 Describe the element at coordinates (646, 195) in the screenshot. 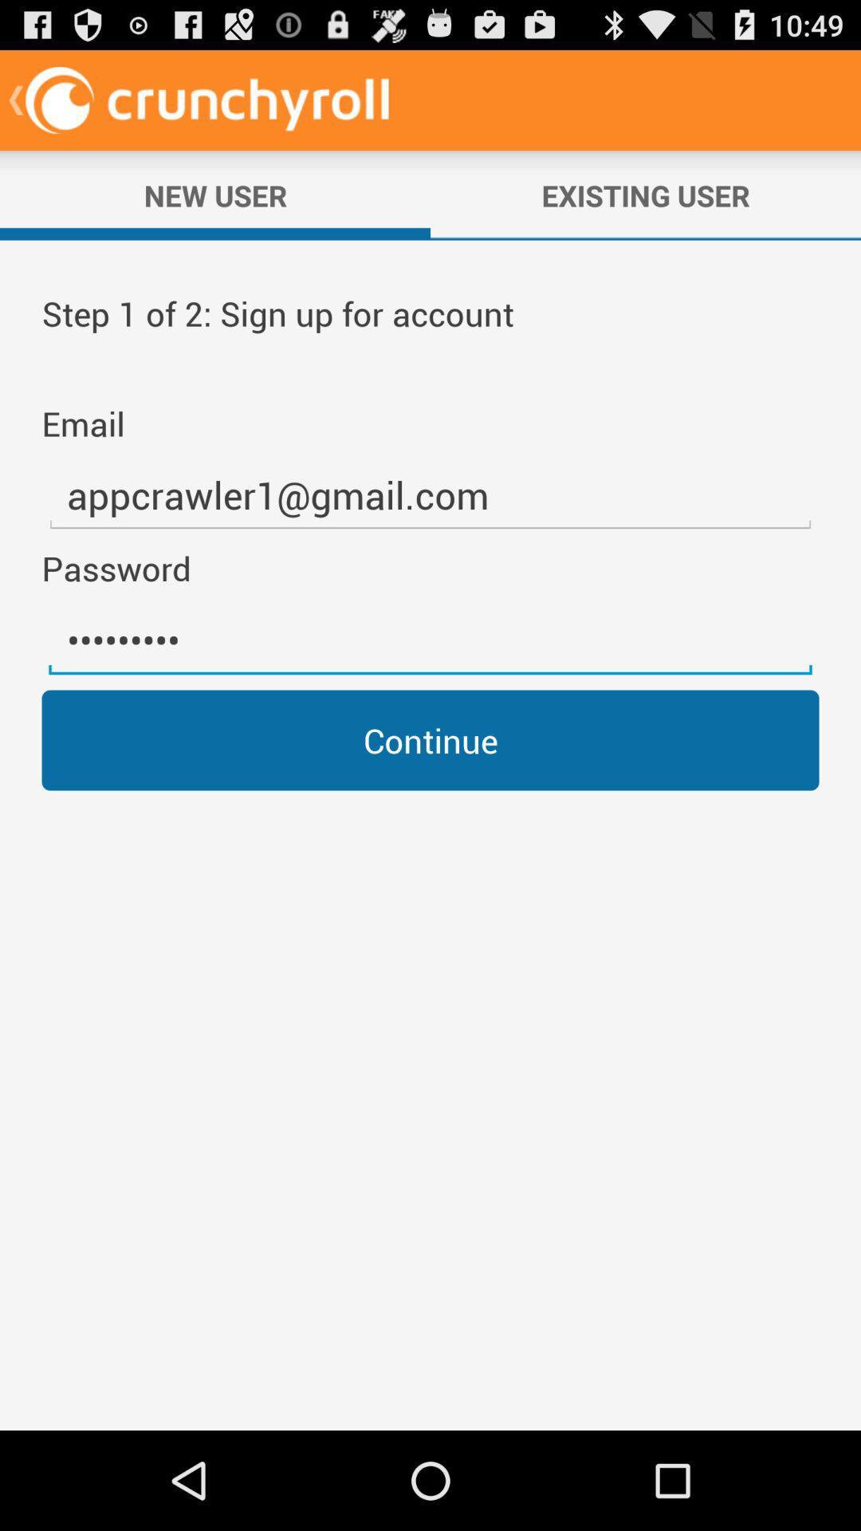

I see `the existing user icon` at that location.